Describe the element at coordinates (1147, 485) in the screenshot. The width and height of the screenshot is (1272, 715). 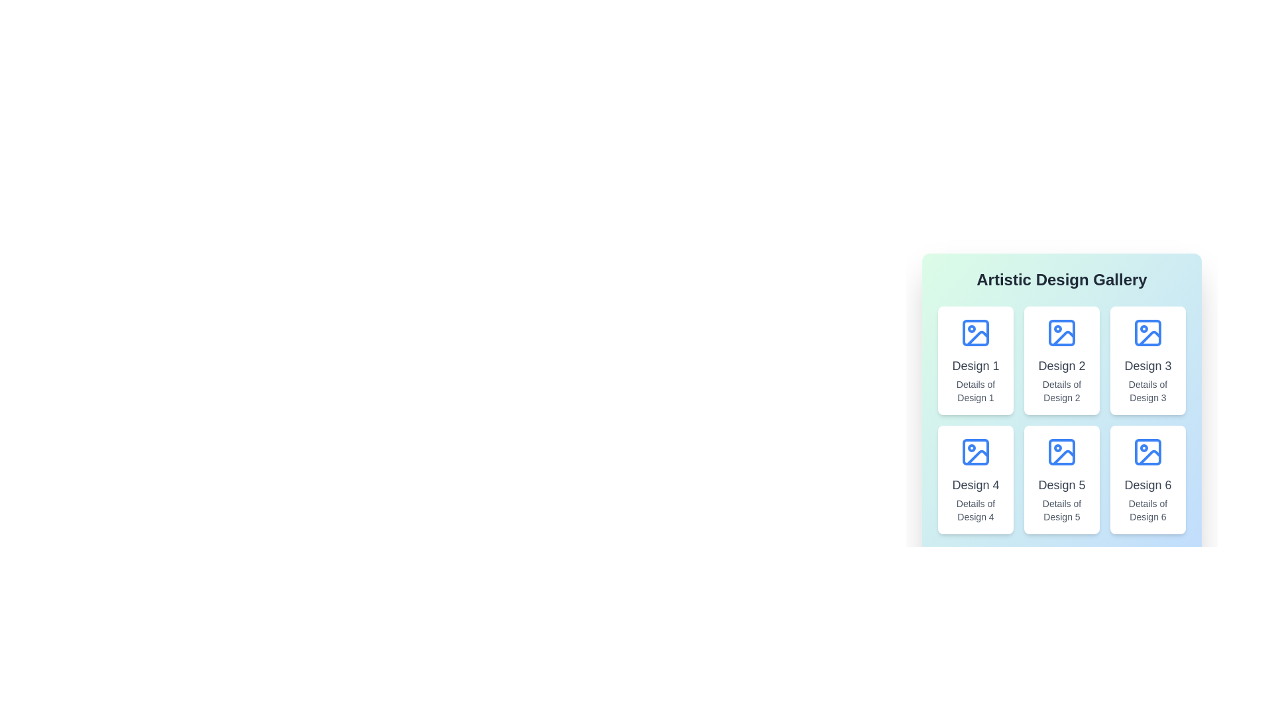
I see `the Text Label element displaying 'Design 6', which is styled in gray color with medium font weight and is located in the rightmost column of the bottom row of a 3x2 grid structure` at that location.